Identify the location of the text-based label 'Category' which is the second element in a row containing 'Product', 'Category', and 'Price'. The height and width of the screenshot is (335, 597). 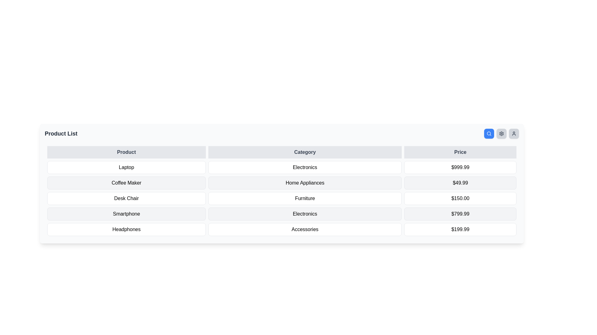
(305, 152).